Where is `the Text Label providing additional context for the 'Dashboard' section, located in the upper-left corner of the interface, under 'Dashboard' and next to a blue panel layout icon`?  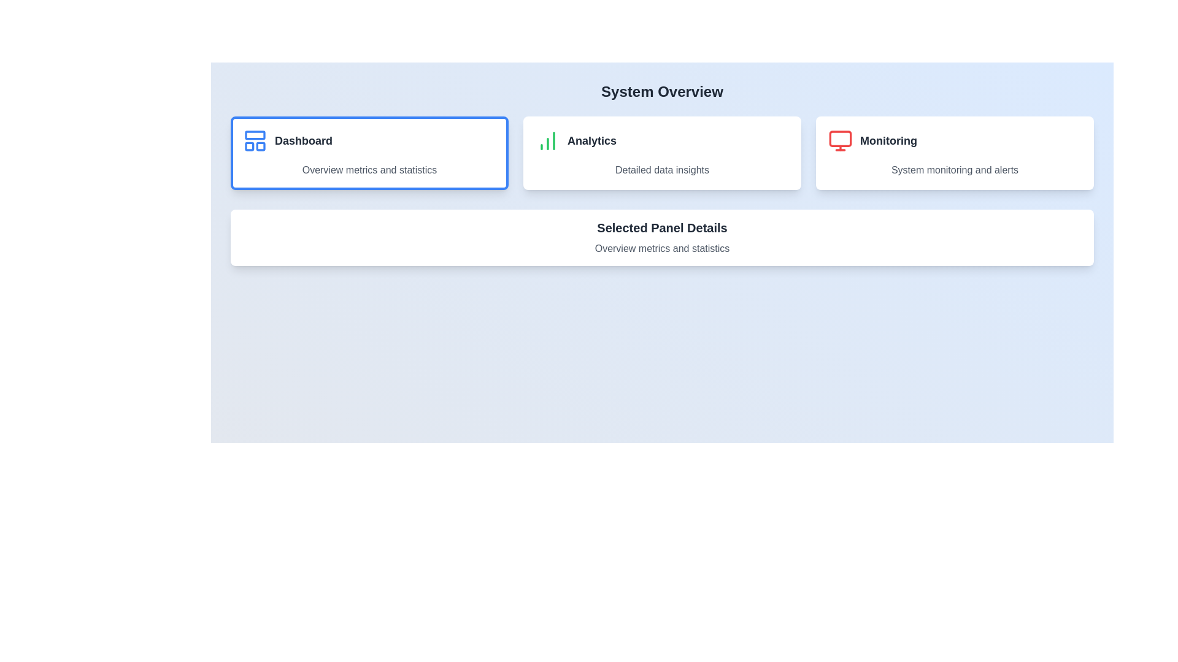
the Text Label providing additional context for the 'Dashboard' section, located in the upper-left corner of the interface, under 'Dashboard' and next to a blue panel layout icon is located at coordinates (369, 170).